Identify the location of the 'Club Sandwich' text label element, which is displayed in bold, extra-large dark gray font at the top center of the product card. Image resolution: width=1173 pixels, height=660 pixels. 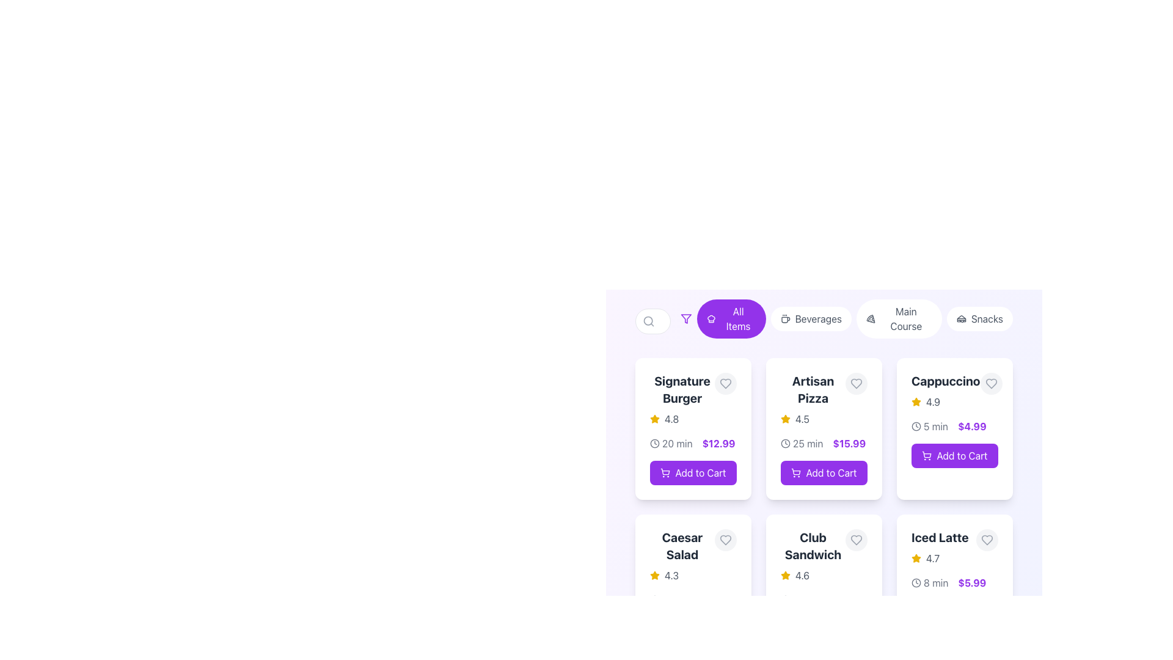
(813, 546).